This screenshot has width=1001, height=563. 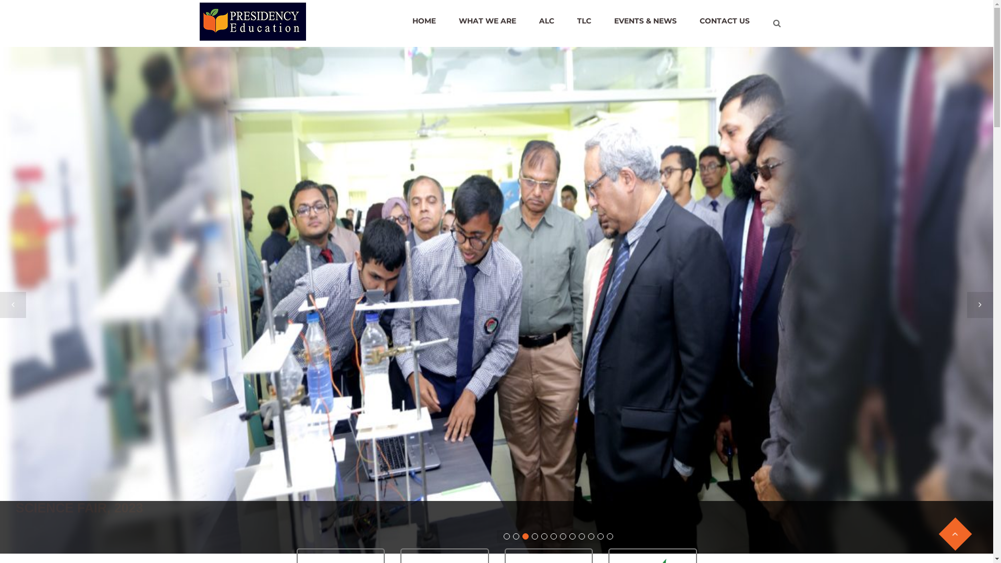 What do you see at coordinates (572, 536) in the screenshot?
I see `'8'` at bounding box center [572, 536].